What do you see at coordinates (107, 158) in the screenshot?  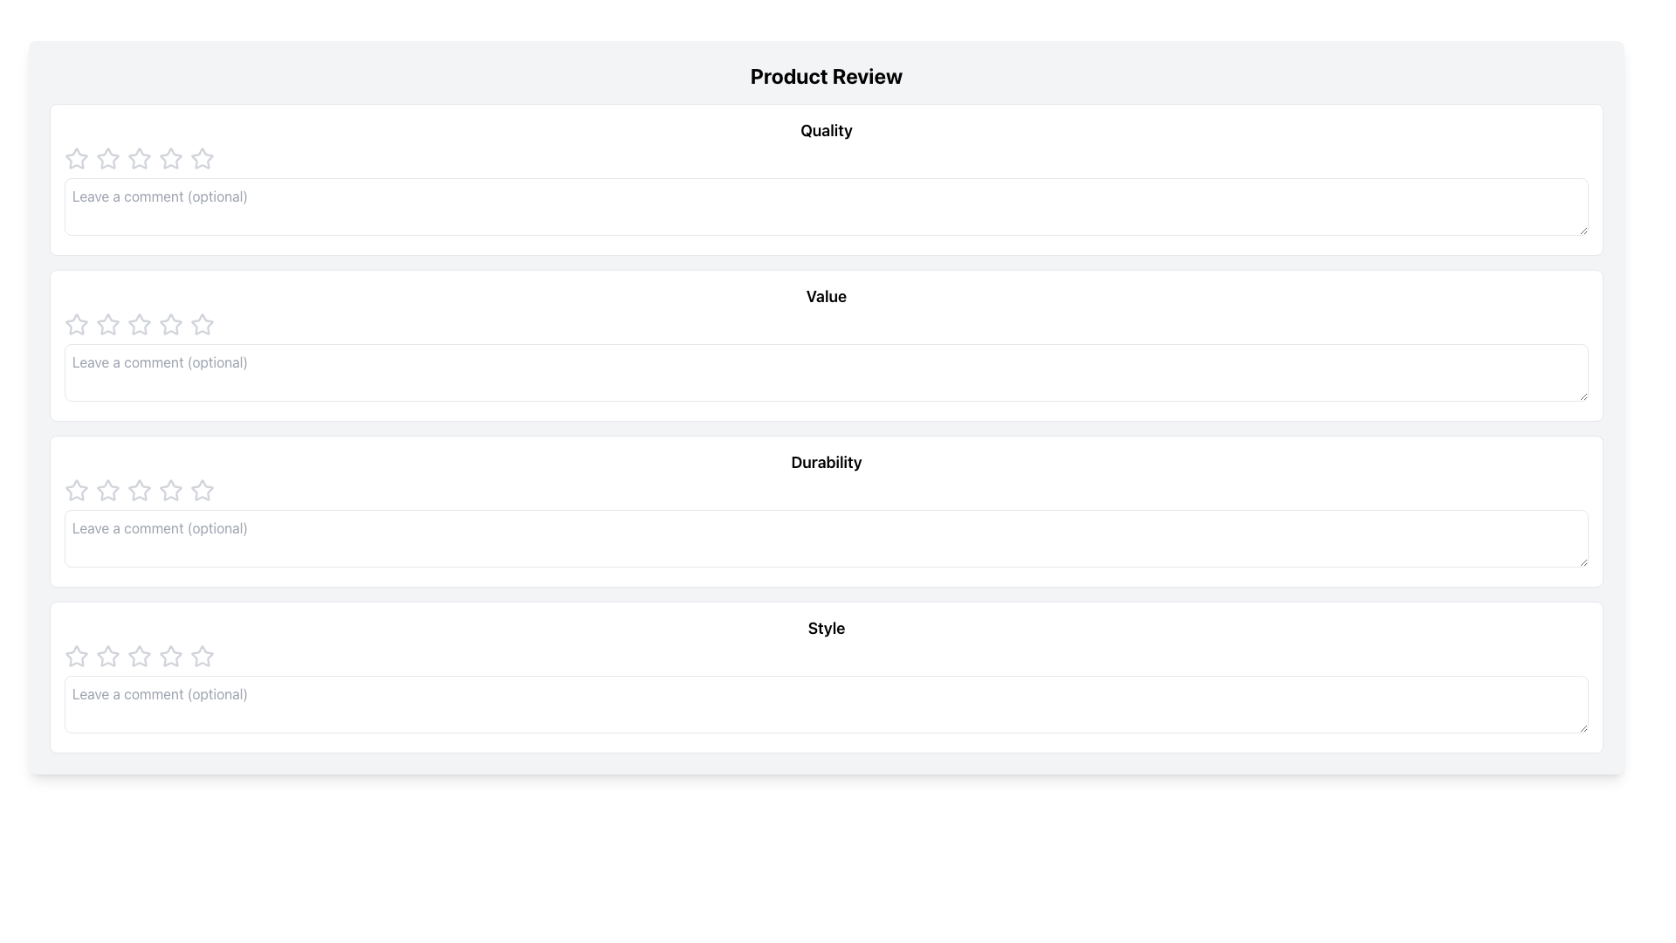 I see `the second Rating star icon in the 'Quality' section of the rating interface` at bounding box center [107, 158].